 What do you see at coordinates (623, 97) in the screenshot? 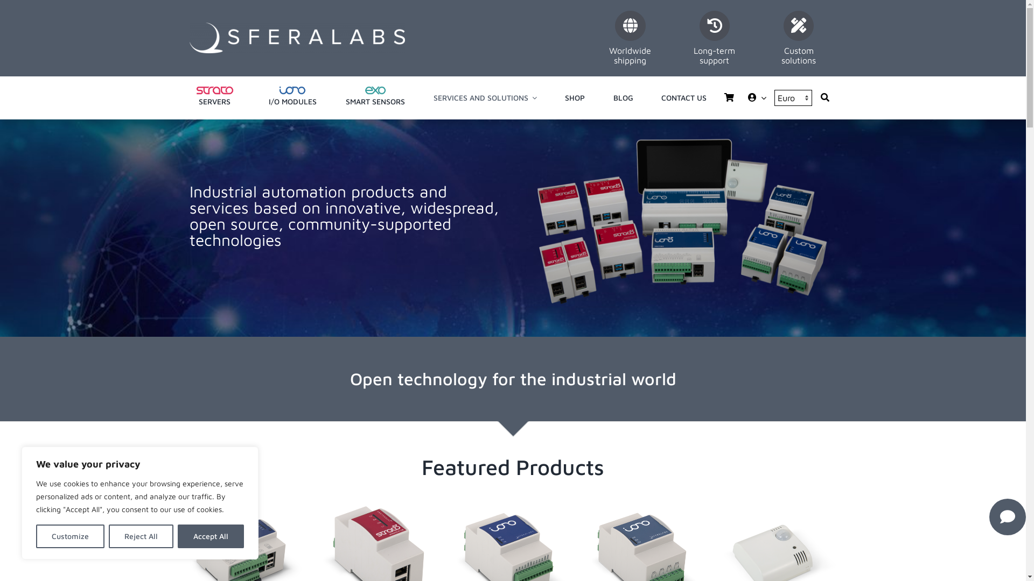
I see `'BLOG'` at bounding box center [623, 97].